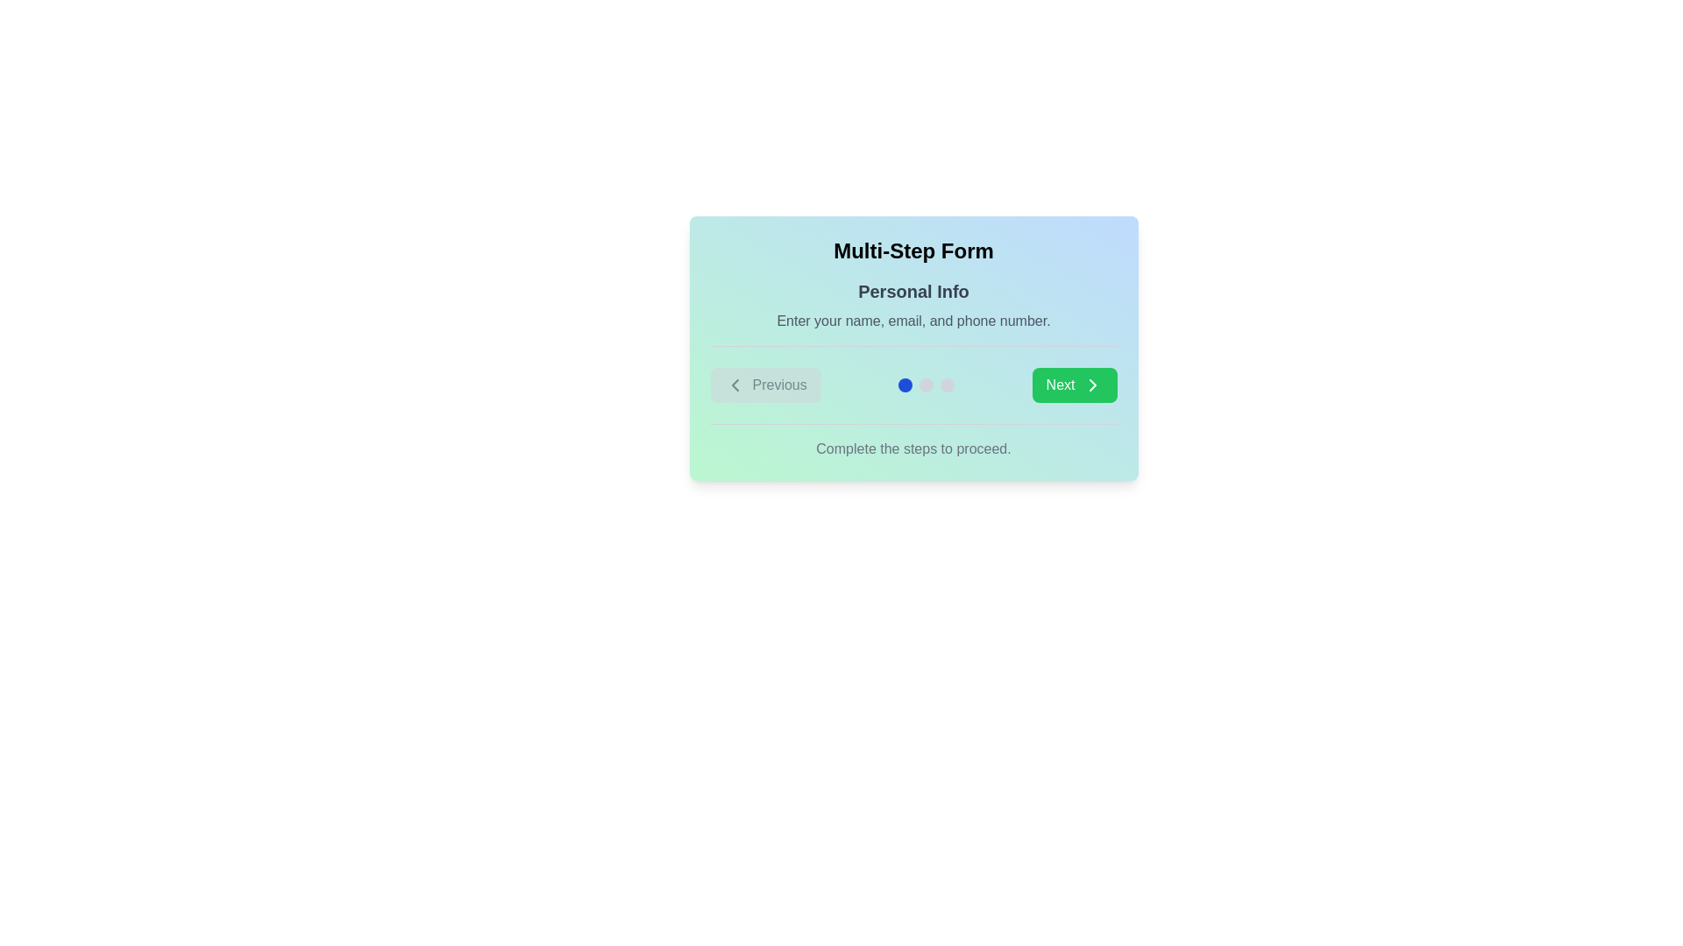 This screenshot has width=1683, height=946. Describe the element at coordinates (913, 290) in the screenshot. I see `the bold text label displaying 'Personal Info' at the center of the interface` at that location.